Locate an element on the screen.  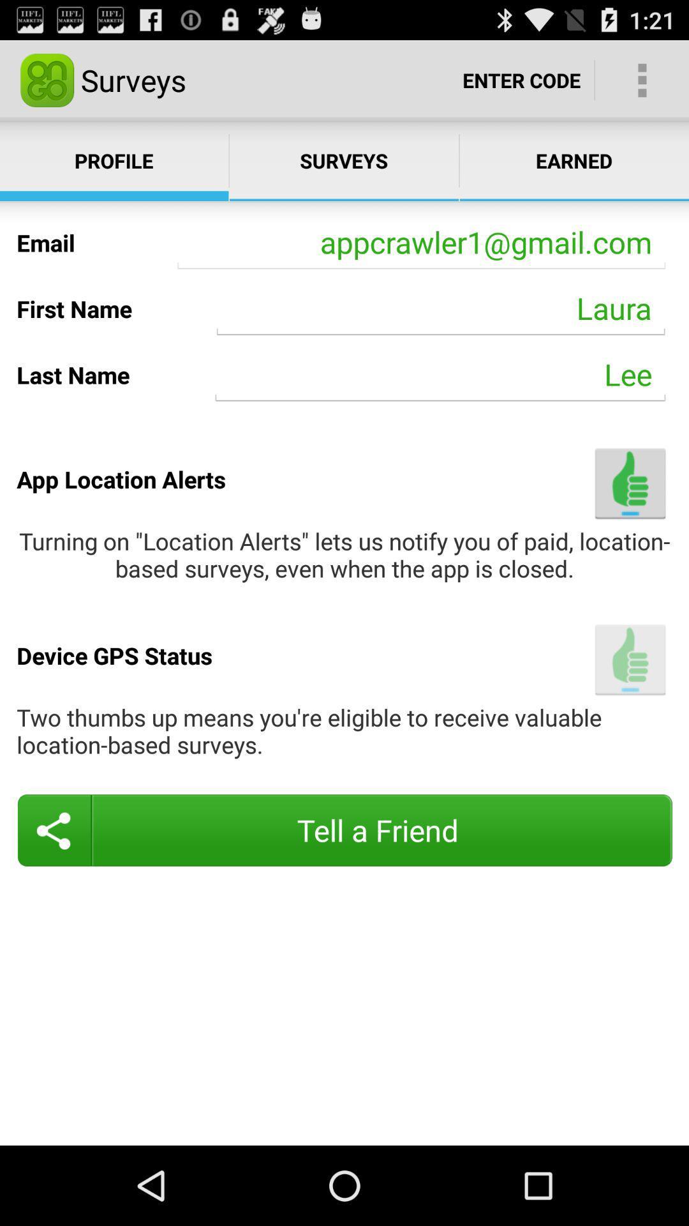
the icon below the lee item is located at coordinates (630, 483).